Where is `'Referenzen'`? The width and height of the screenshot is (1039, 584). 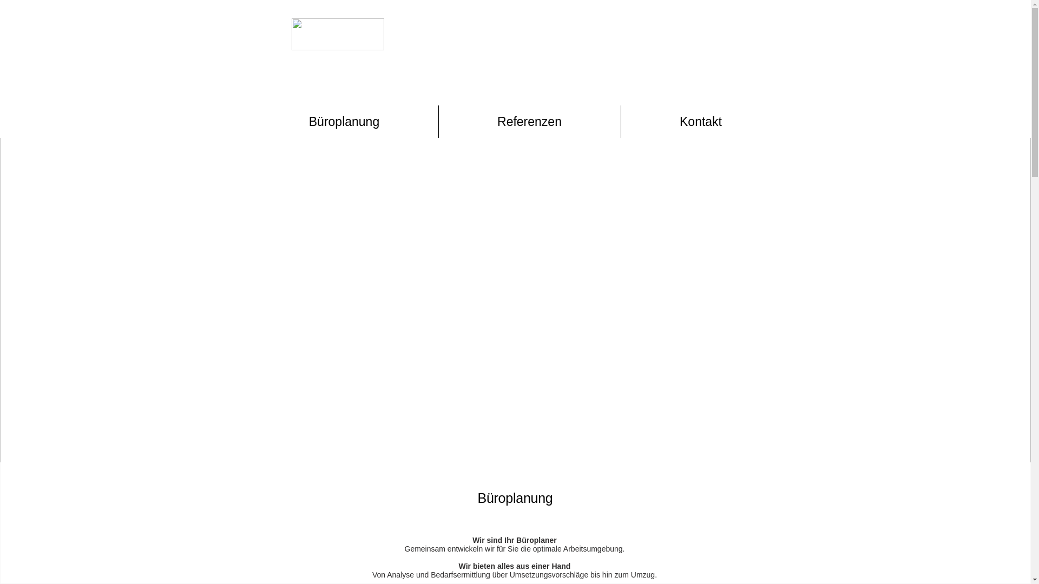 'Referenzen' is located at coordinates (529, 121).